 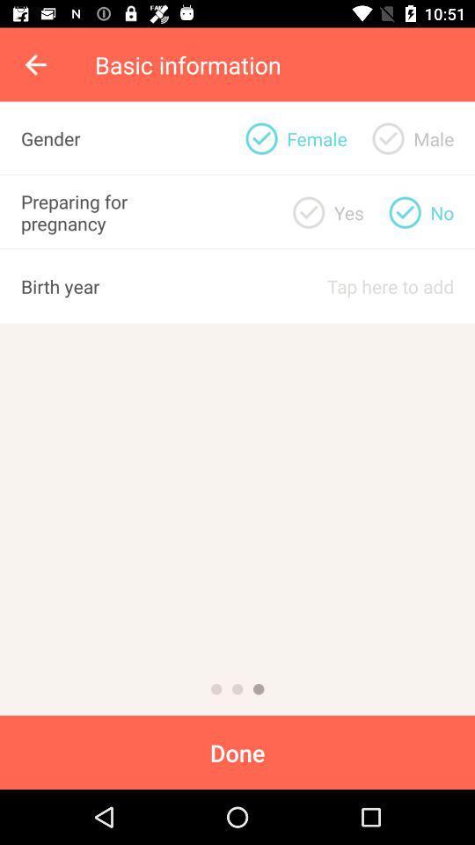 I want to click on female gender, so click(x=260, y=137).